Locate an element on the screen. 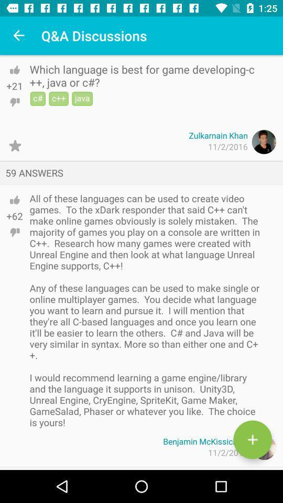 The width and height of the screenshot is (283, 503). the add icon is located at coordinates (252, 440).